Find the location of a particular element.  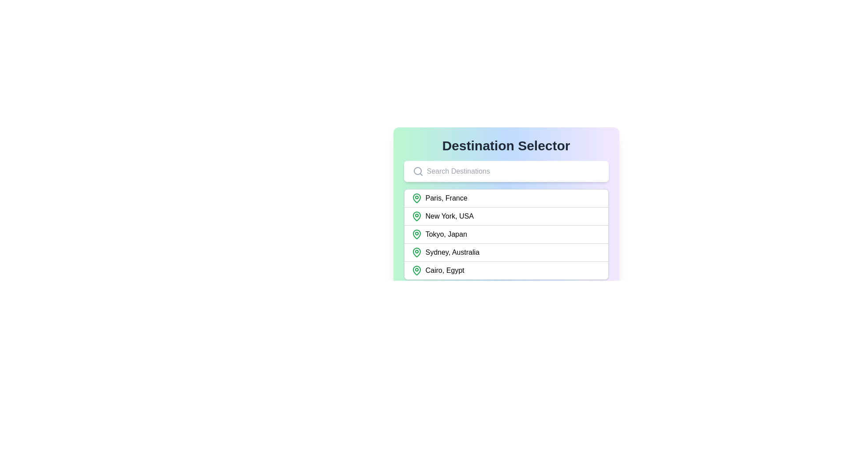

the pin-shaped map icon with a green outline located to the left of the text 'Cairo, Egypt' is located at coordinates (416, 270).